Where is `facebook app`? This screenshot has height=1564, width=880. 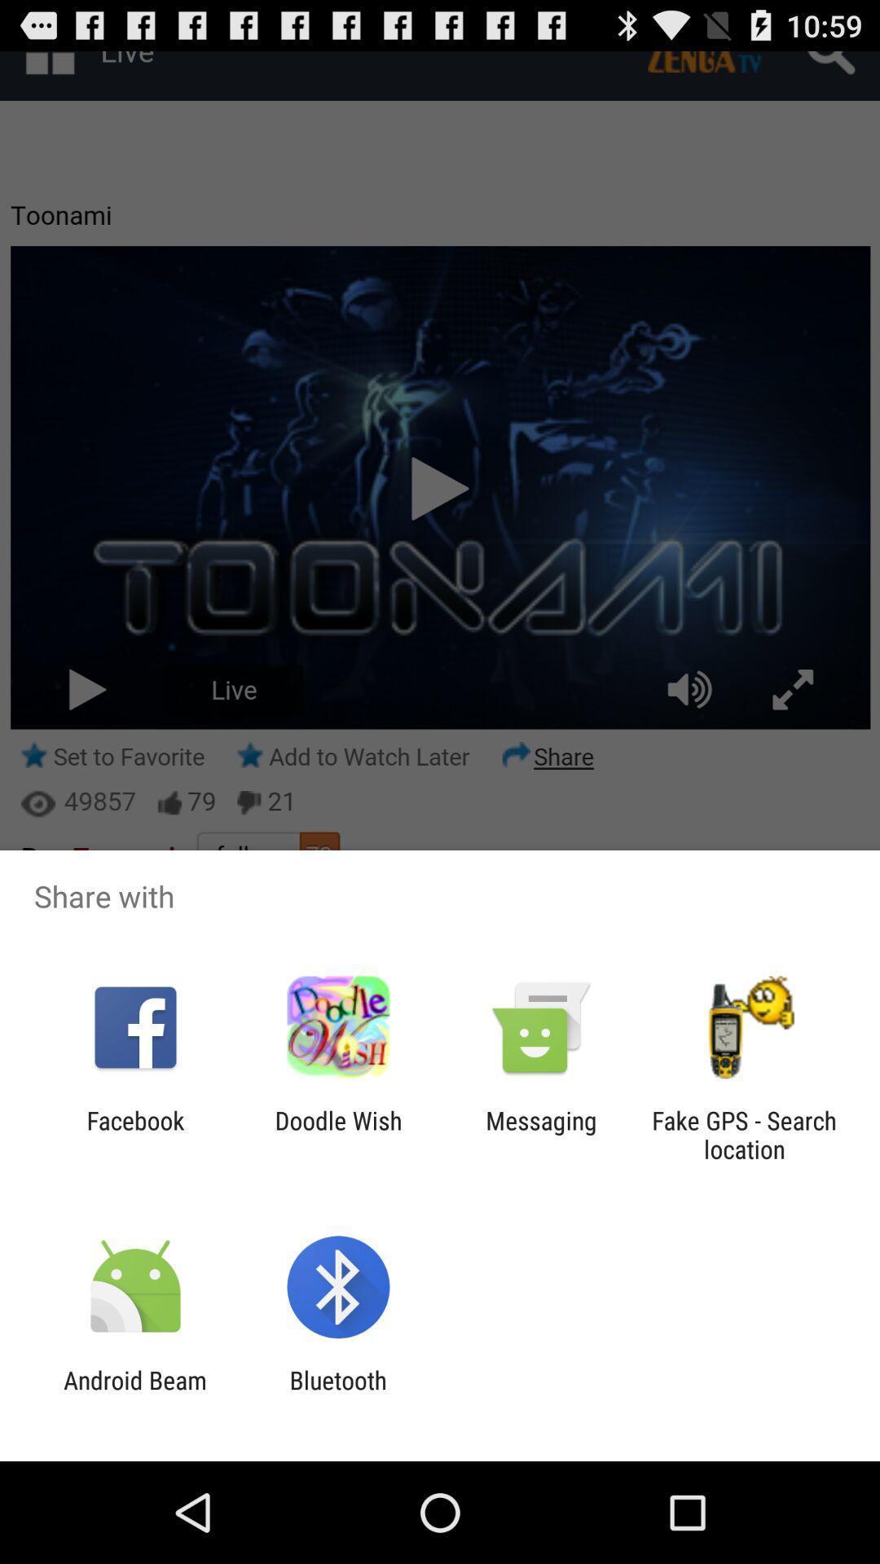
facebook app is located at coordinates (134, 1134).